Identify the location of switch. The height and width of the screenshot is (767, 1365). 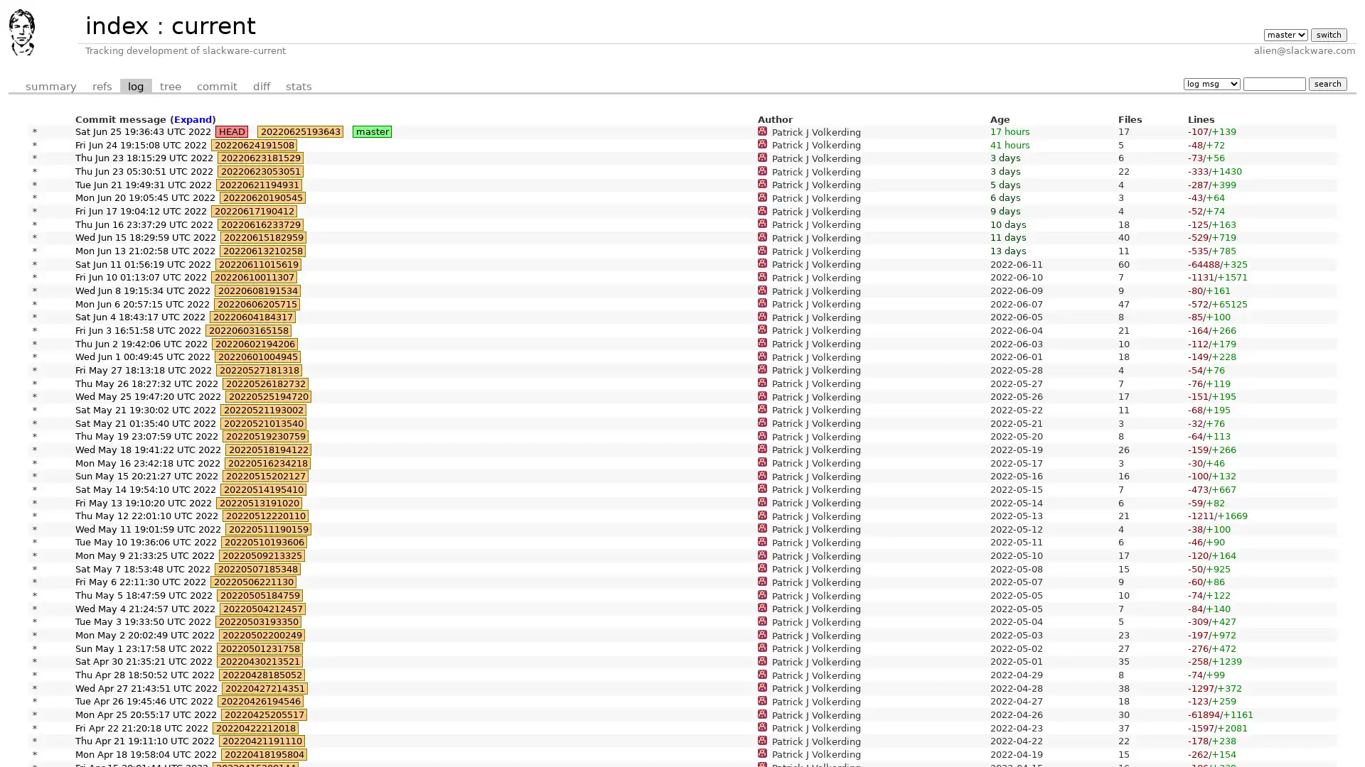
(1327, 33).